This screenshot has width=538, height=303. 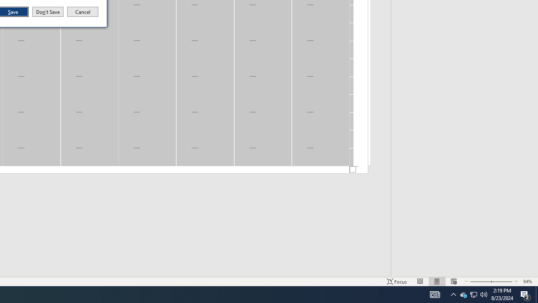 I want to click on 'Action Center, 2 new notifications', so click(x=525, y=294).